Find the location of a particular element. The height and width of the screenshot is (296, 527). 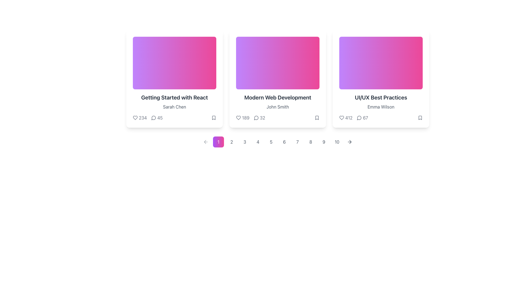

the eighth pagination button for keyboard navigation is located at coordinates (311, 141).